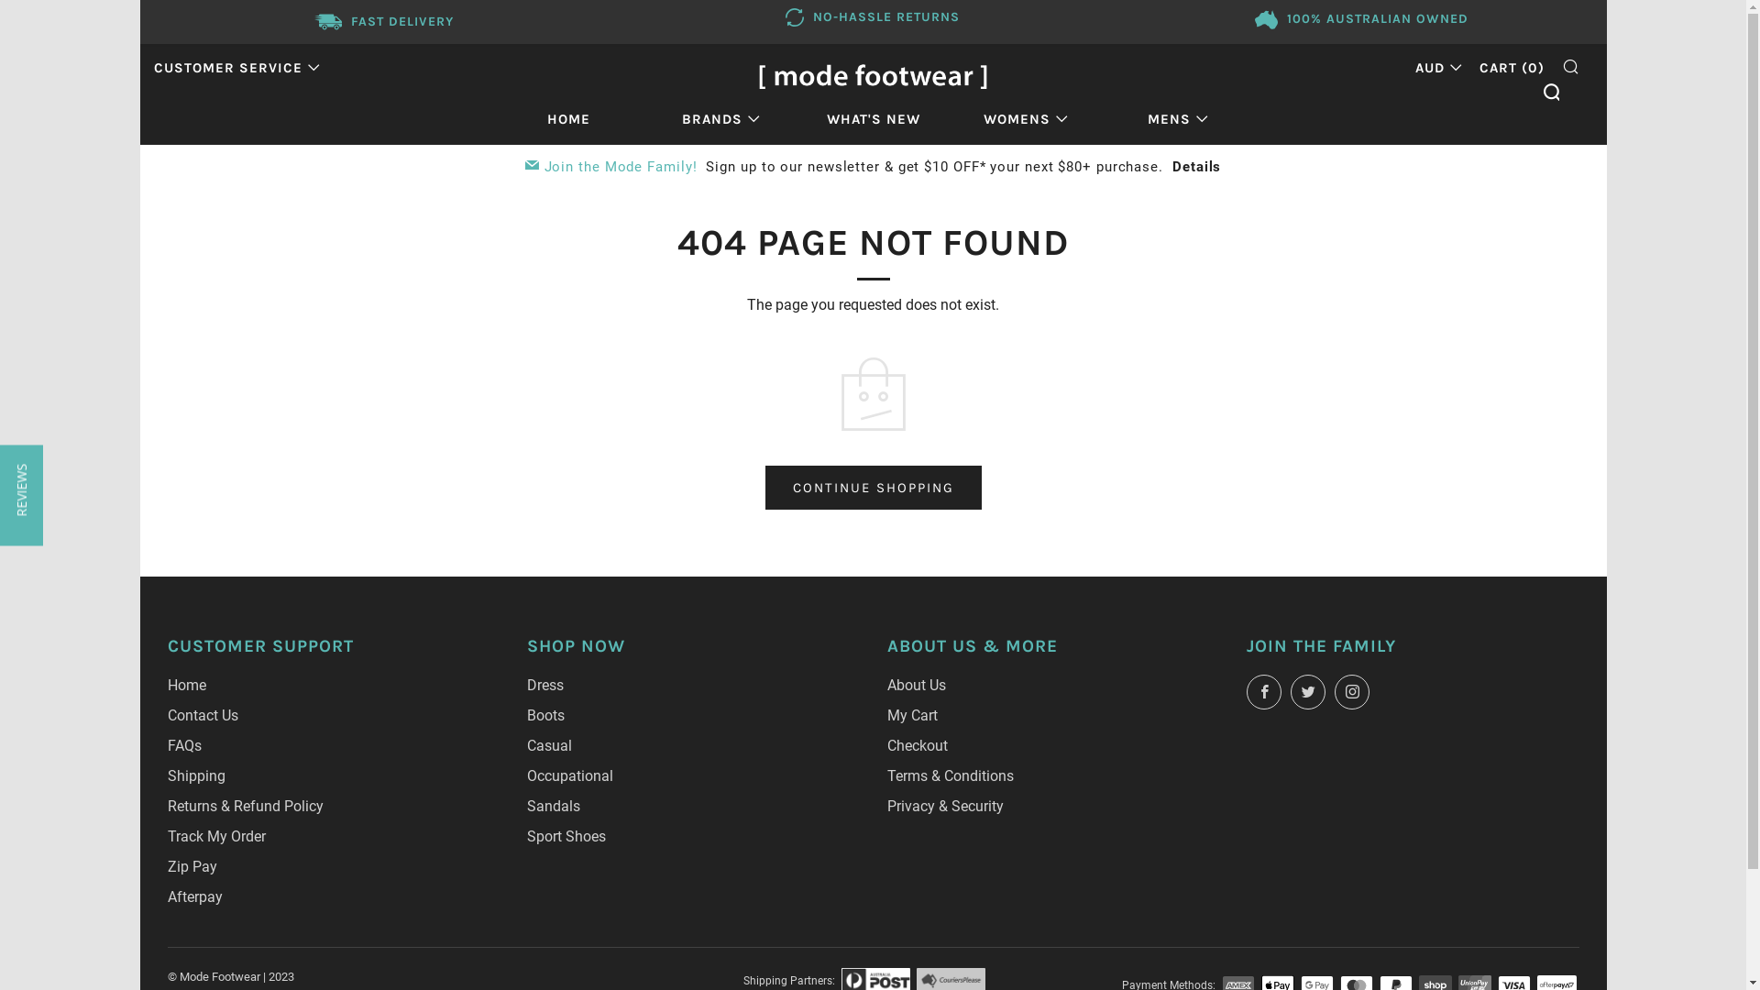 This screenshot has height=990, width=1760. What do you see at coordinates (912, 714) in the screenshot?
I see `'My Cart'` at bounding box center [912, 714].